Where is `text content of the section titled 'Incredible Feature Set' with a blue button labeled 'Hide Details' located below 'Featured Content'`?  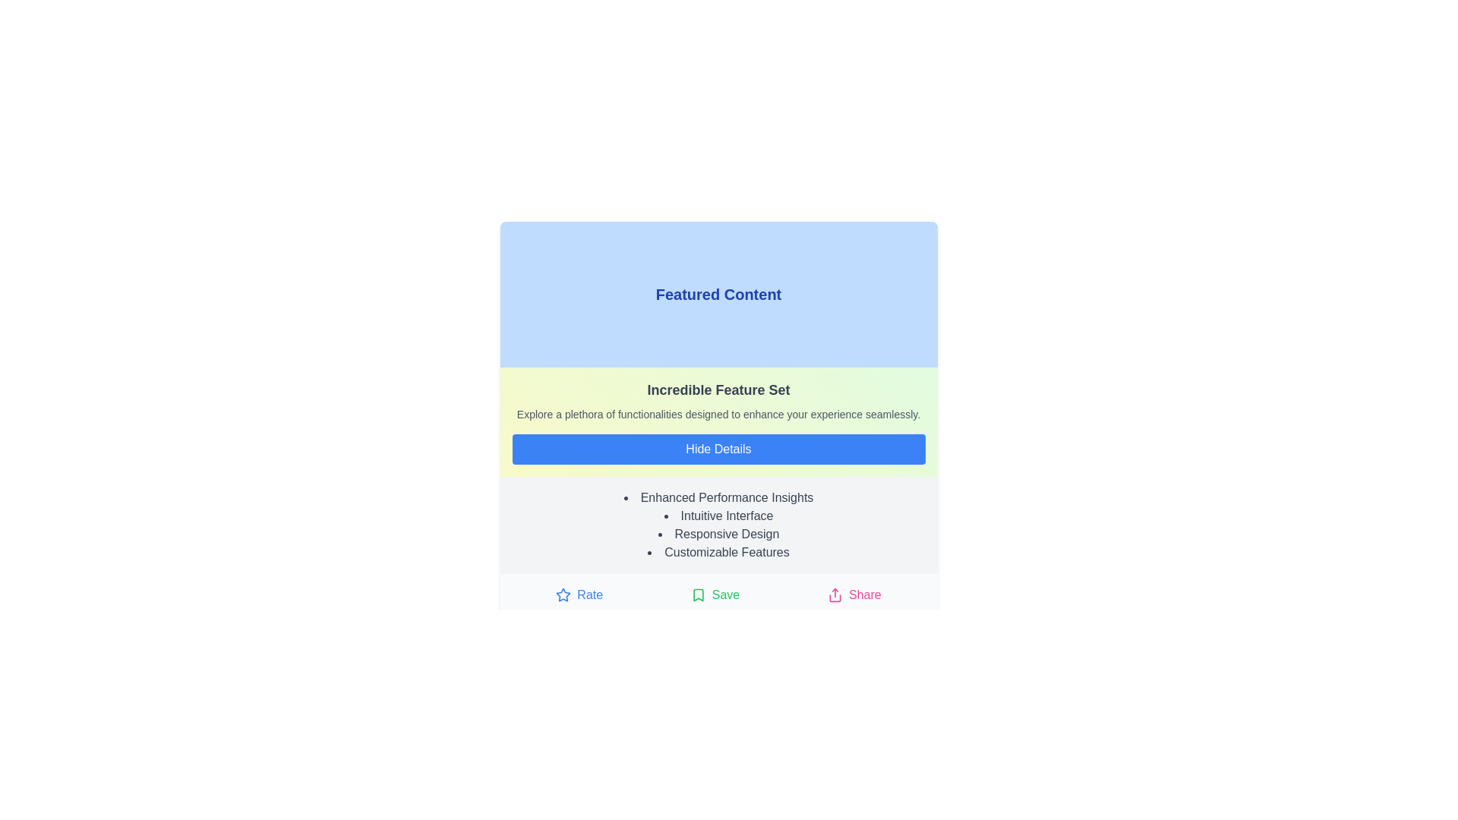 text content of the section titled 'Incredible Feature Set' with a blue button labeled 'Hide Details' located below 'Featured Content' is located at coordinates (718, 421).